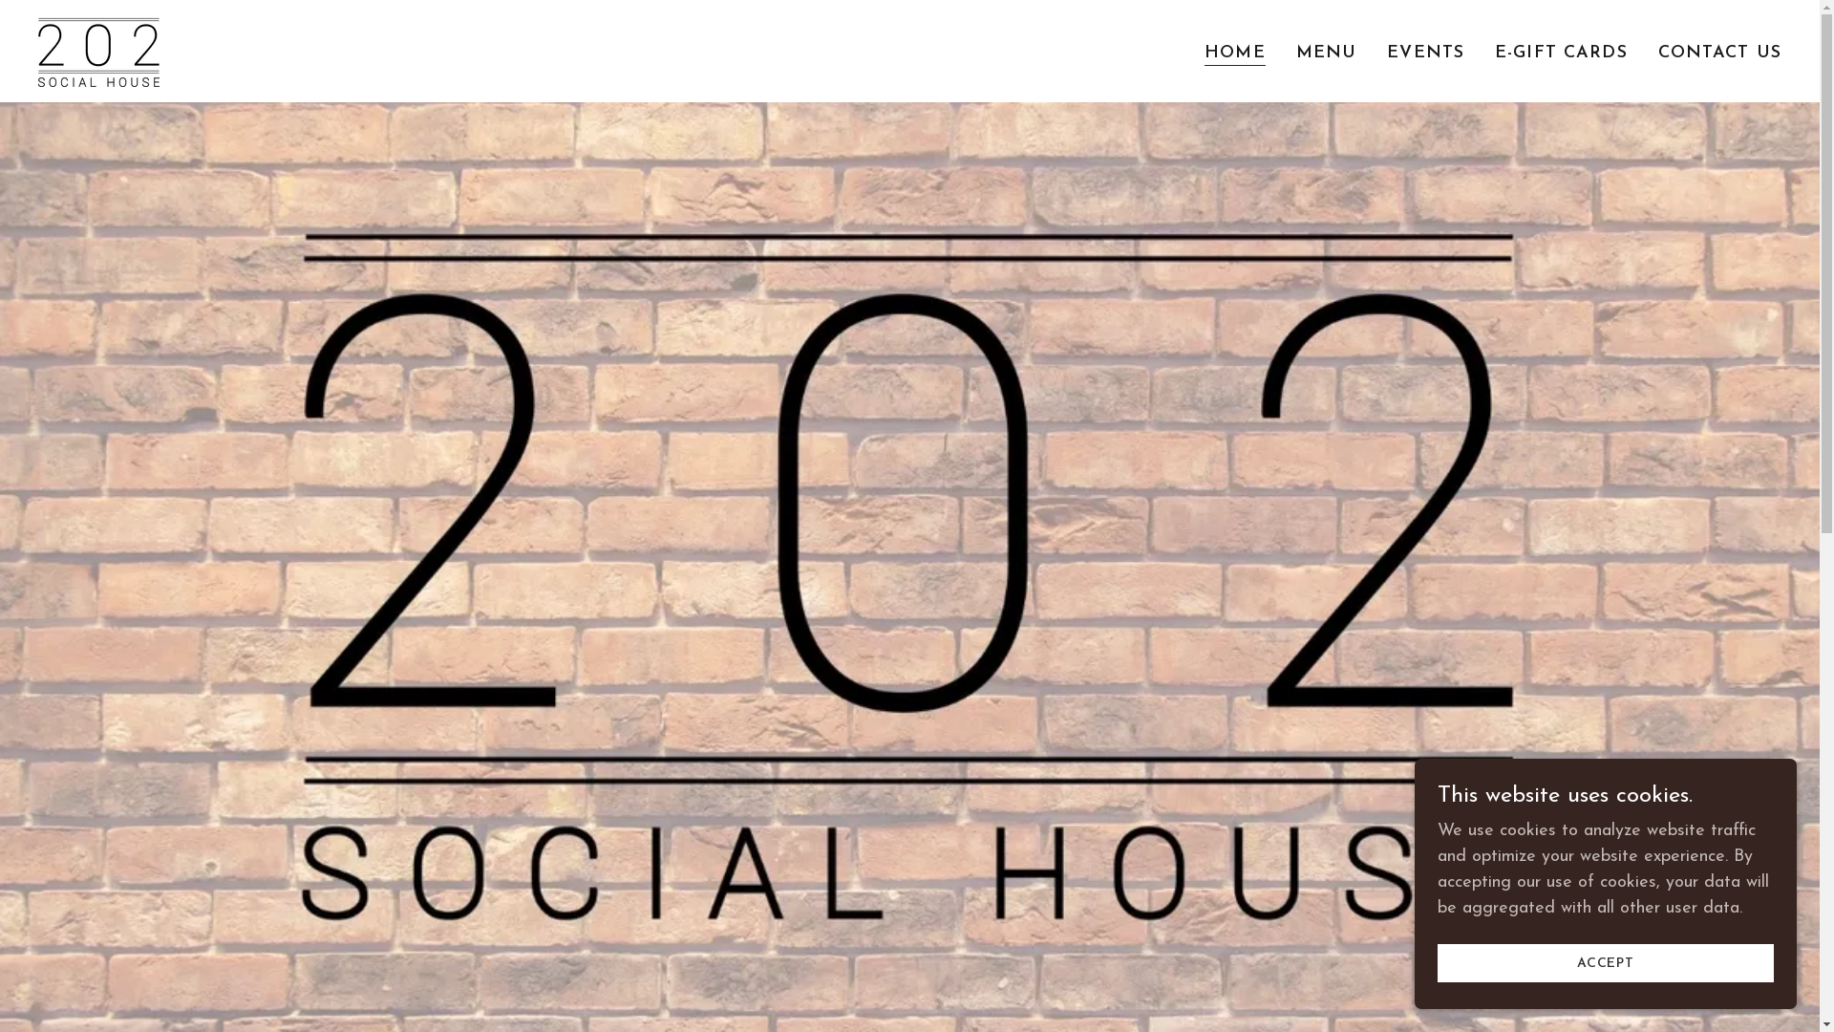 Image resolution: width=1834 pixels, height=1032 pixels. I want to click on '202 Social House', so click(97, 49).